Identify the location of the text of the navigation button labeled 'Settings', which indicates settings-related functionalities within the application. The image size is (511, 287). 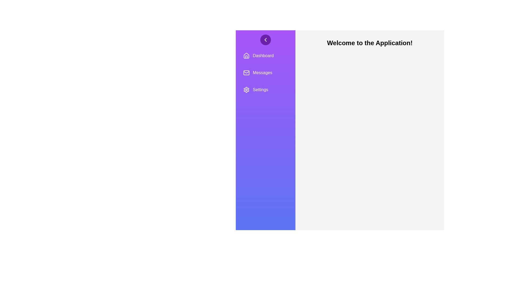
(260, 90).